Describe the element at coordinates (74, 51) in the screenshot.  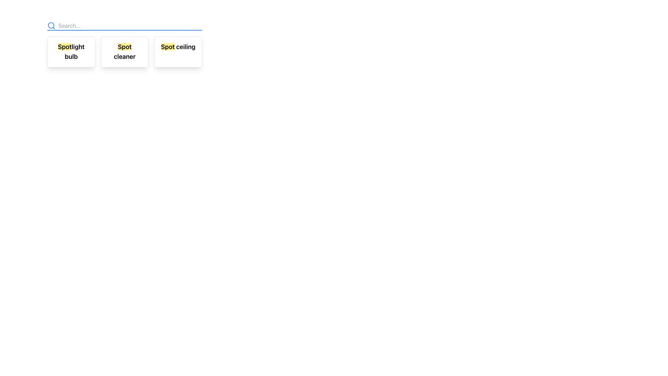
I see `non-interactive text label displaying 'light bulb', which is part of the label 'Spotlight bulb' located within the first card at the top center of the interface` at that location.